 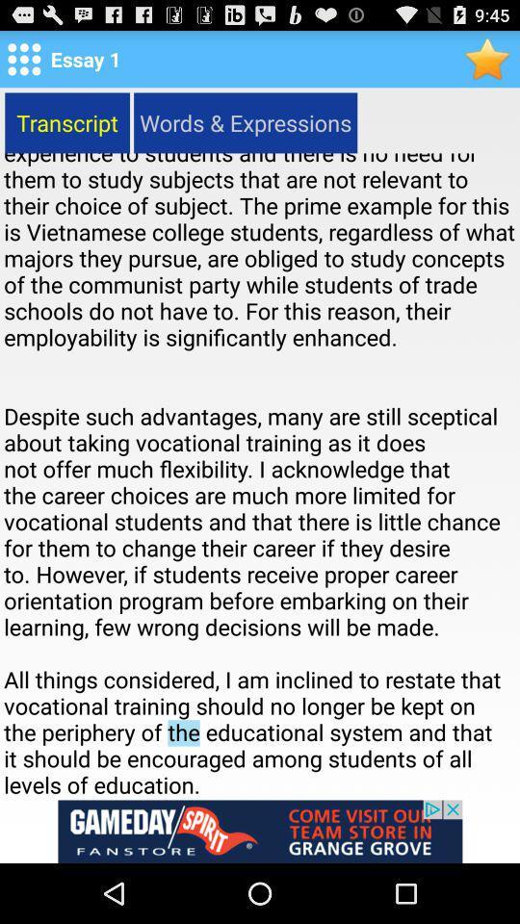 What do you see at coordinates (488, 63) in the screenshot?
I see `the star icon` at bounding box center [488, 63].